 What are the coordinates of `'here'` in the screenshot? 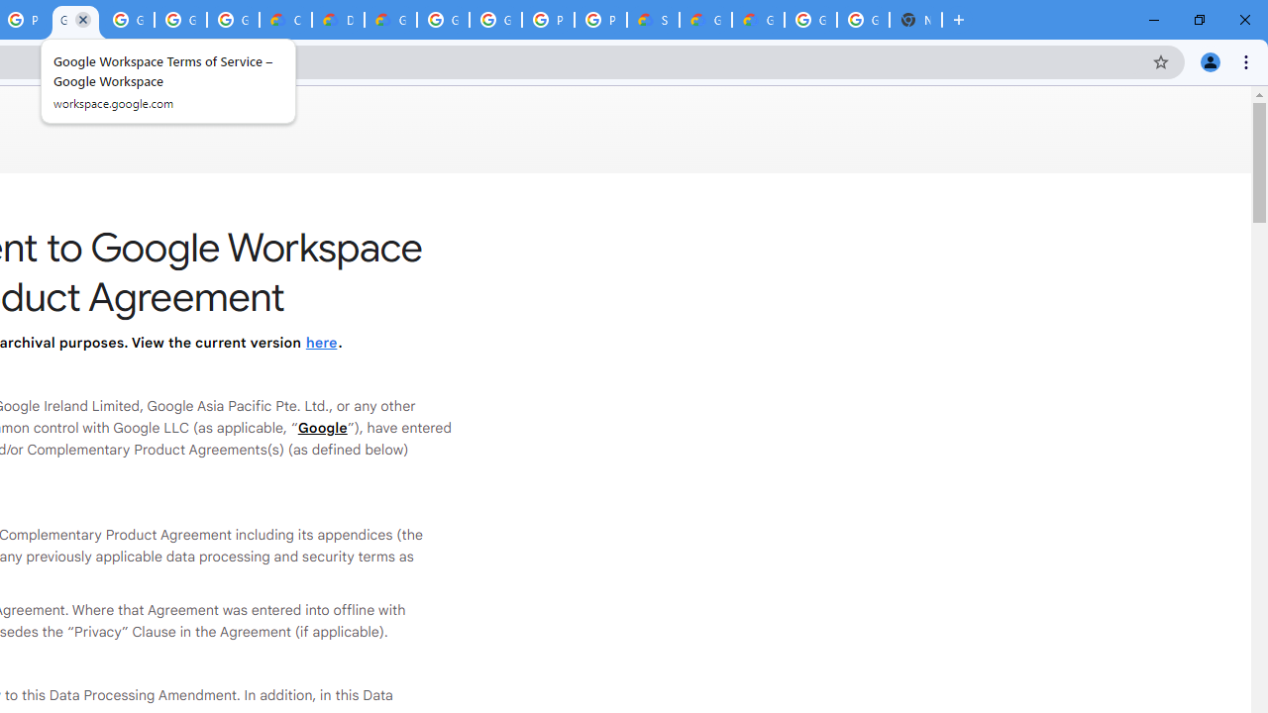 It's located at (321, 341).